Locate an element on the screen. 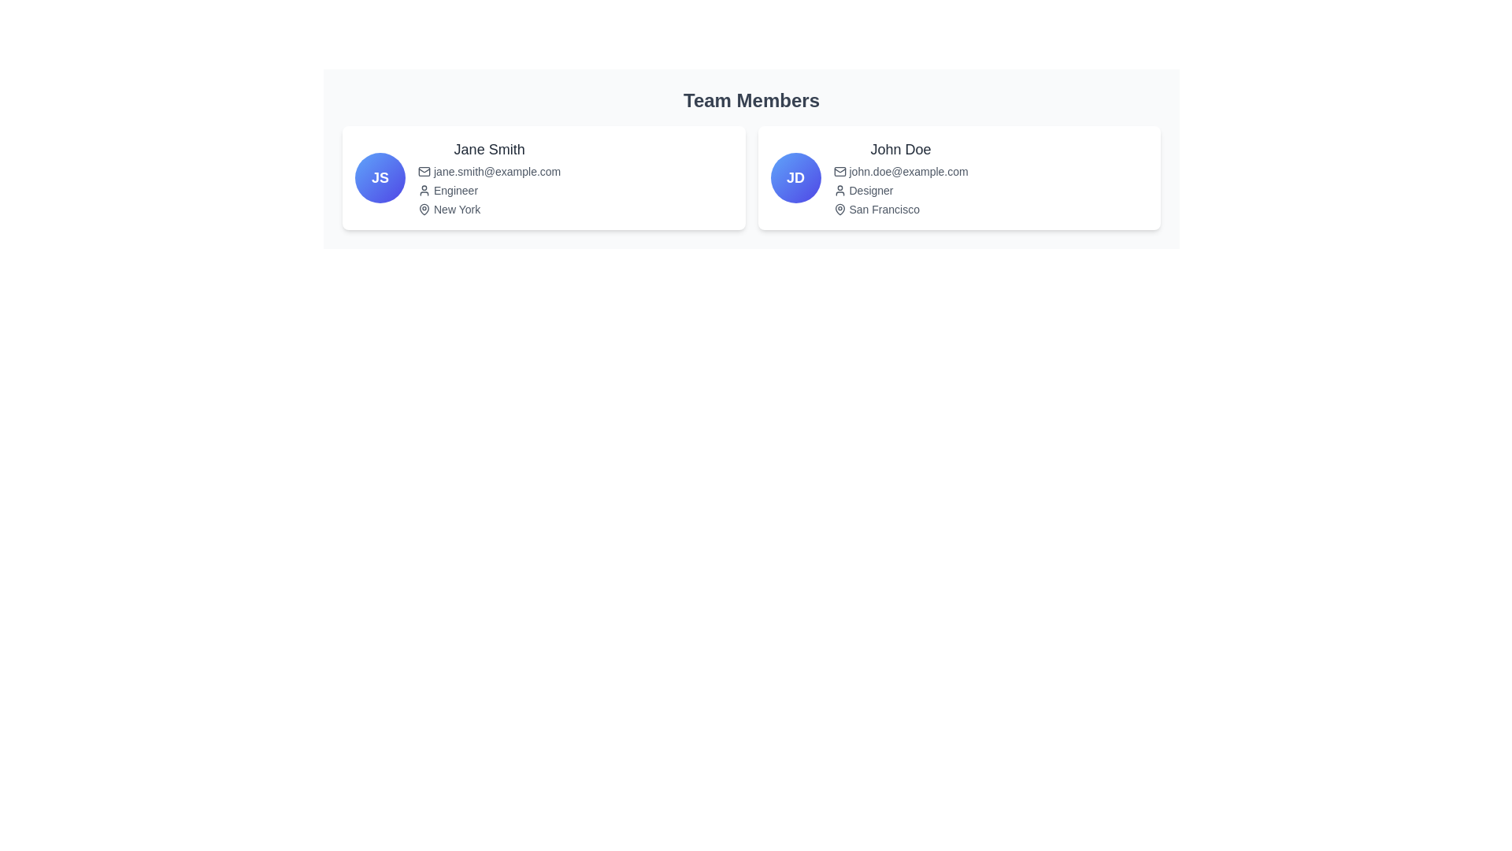  the envelope icon, which is styled minimally with a thin outline and is situated to the left of the text 'jane.smith@example.com' is located at coordinates (424, 172).